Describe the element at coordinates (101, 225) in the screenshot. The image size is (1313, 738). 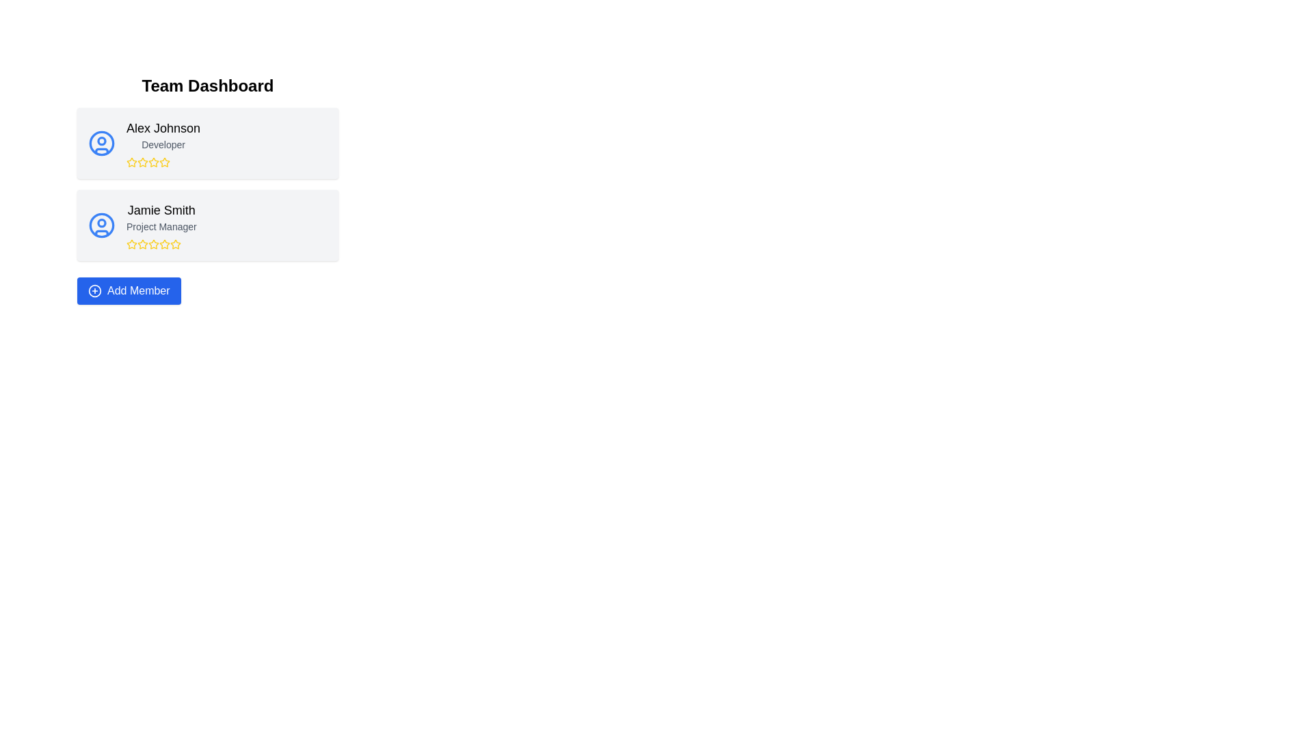
I see `the circular blue user profile icon located to the left of the text 'Jamie Smith' and 'Project Manager'` at that location.